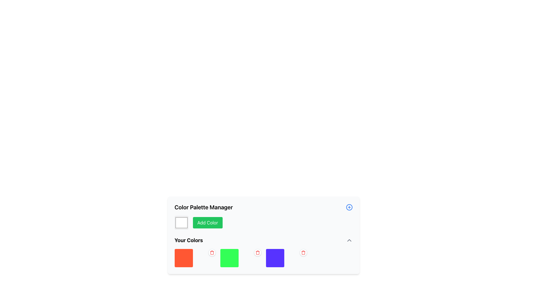 Image resolution: width=548 pixels, height=308 pixels. Describe the element at coordinates (303, 252) in the screenshot. I see `the deletion icon located directly to the right of the purple color box` at that location.